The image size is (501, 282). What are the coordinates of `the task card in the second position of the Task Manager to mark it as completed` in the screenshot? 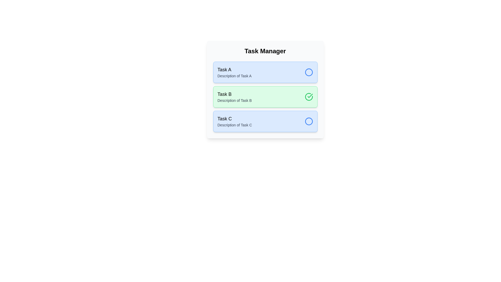 It's located at (265, 97).